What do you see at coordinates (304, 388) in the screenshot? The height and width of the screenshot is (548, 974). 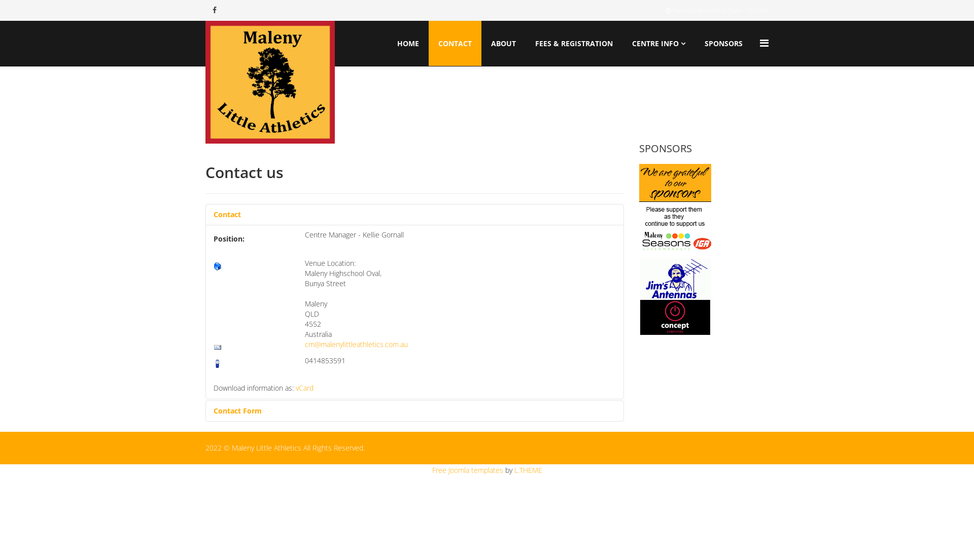 I see `'vCard'` at bounding box center [304, 388].